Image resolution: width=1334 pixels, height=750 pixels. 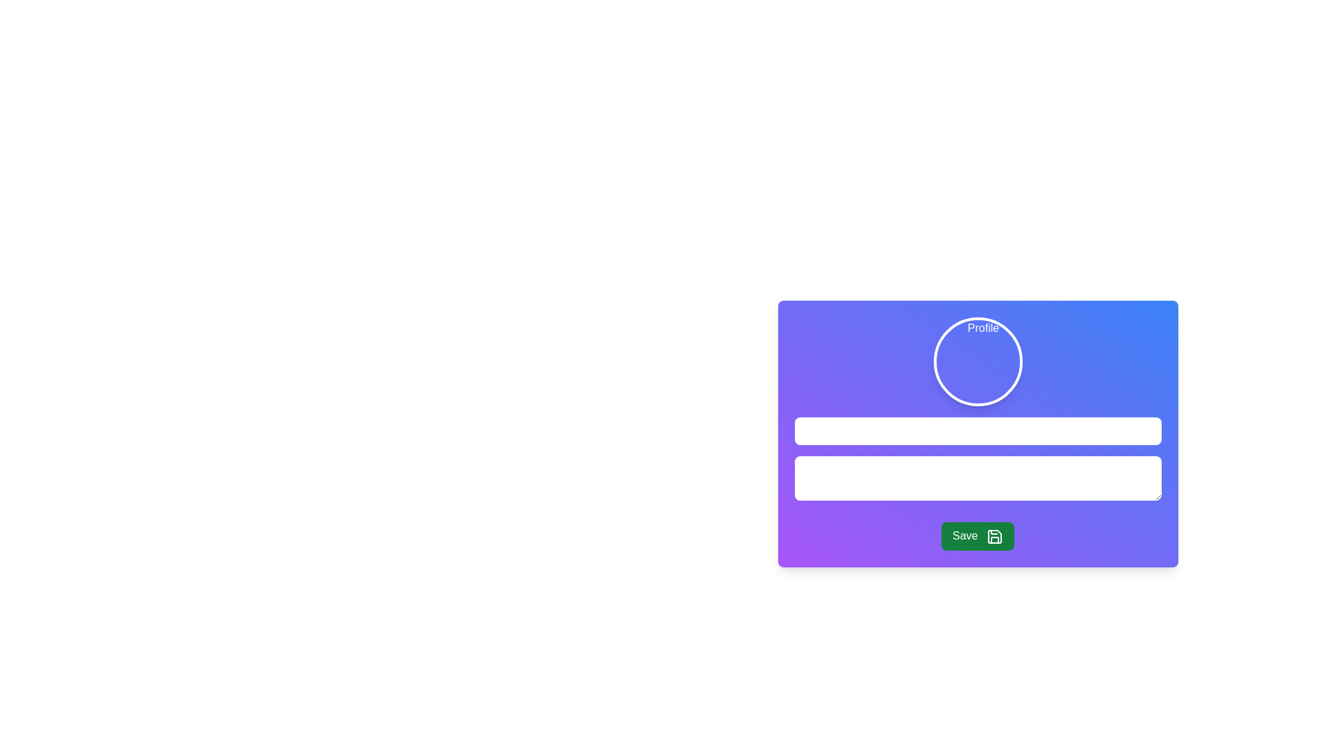 What do you see at coordinates (977, 535) in the screenshot?
I see `the save button located at the center-bottom of the card layout` at bounding box center [977, 535].